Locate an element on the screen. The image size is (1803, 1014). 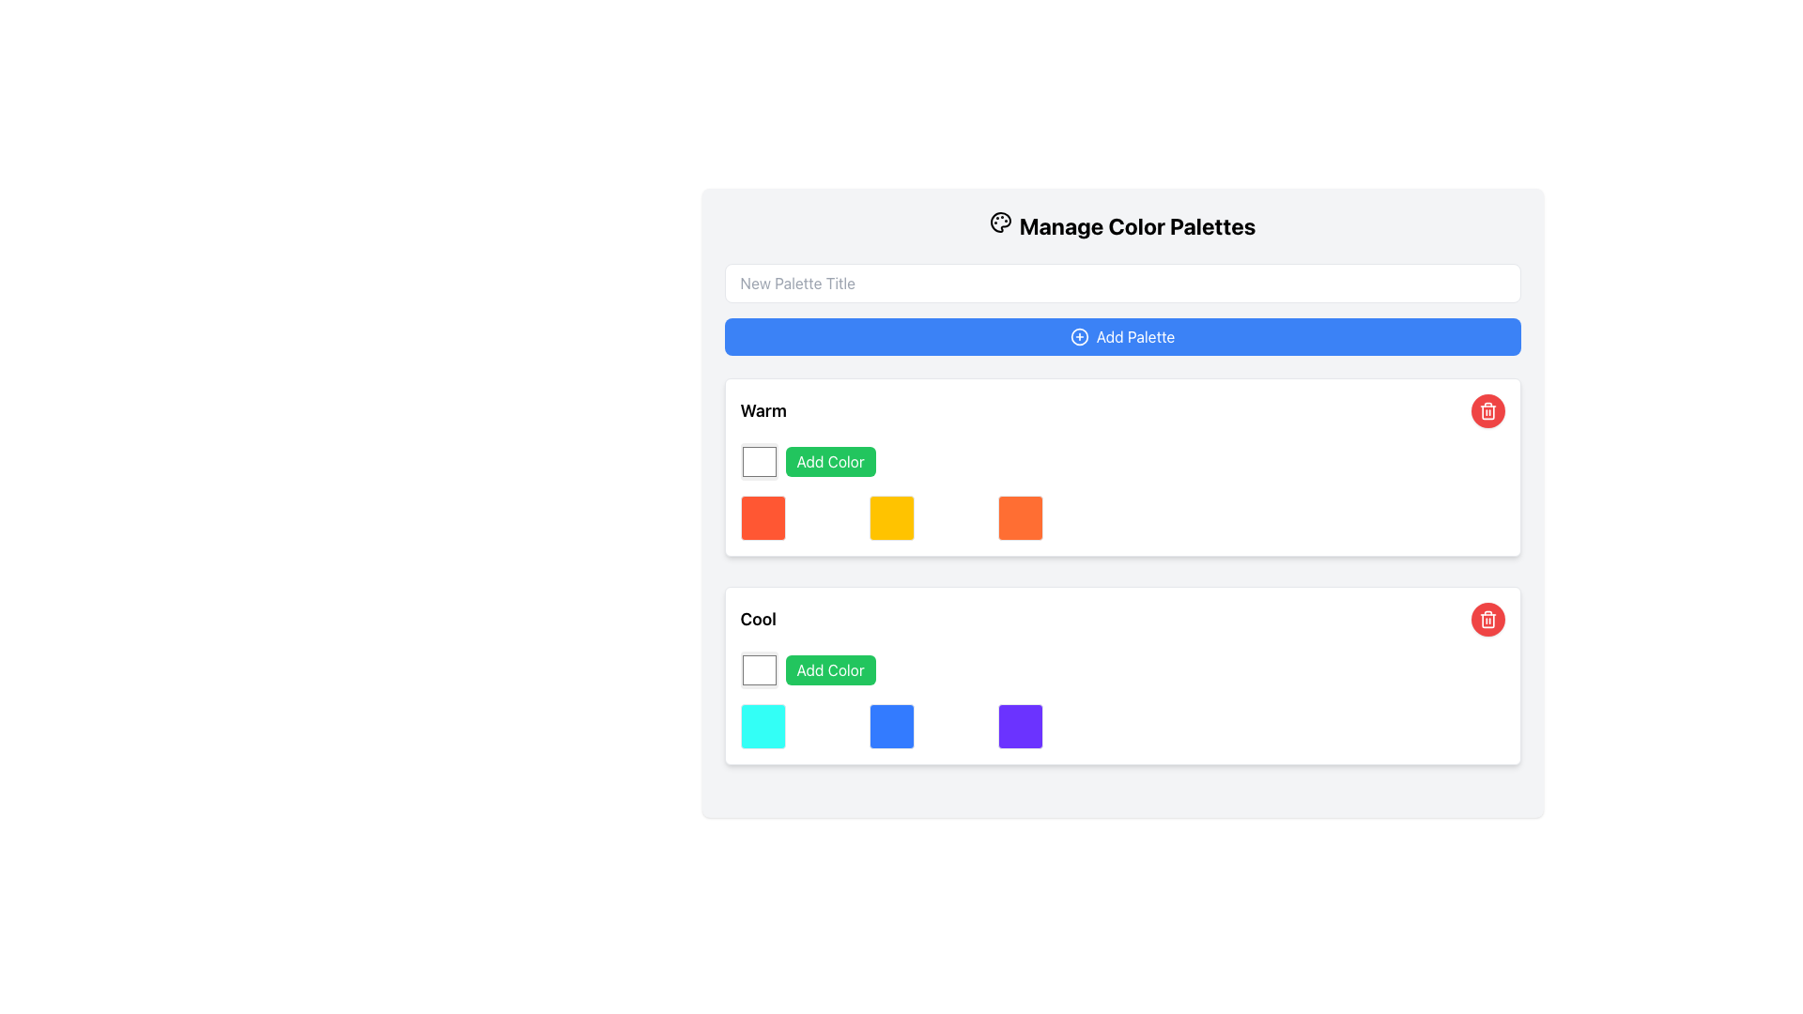
keyboard navigation is located at coordinates (1487, 619).